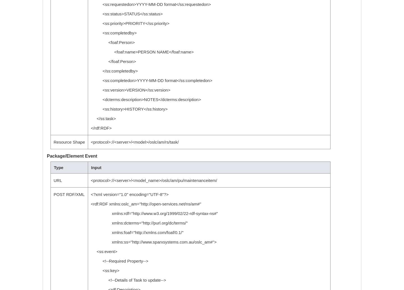  What do you see at coordinates (53, 180) in the screenshot?
I see `'URL'` at bounding box center [53, 180].